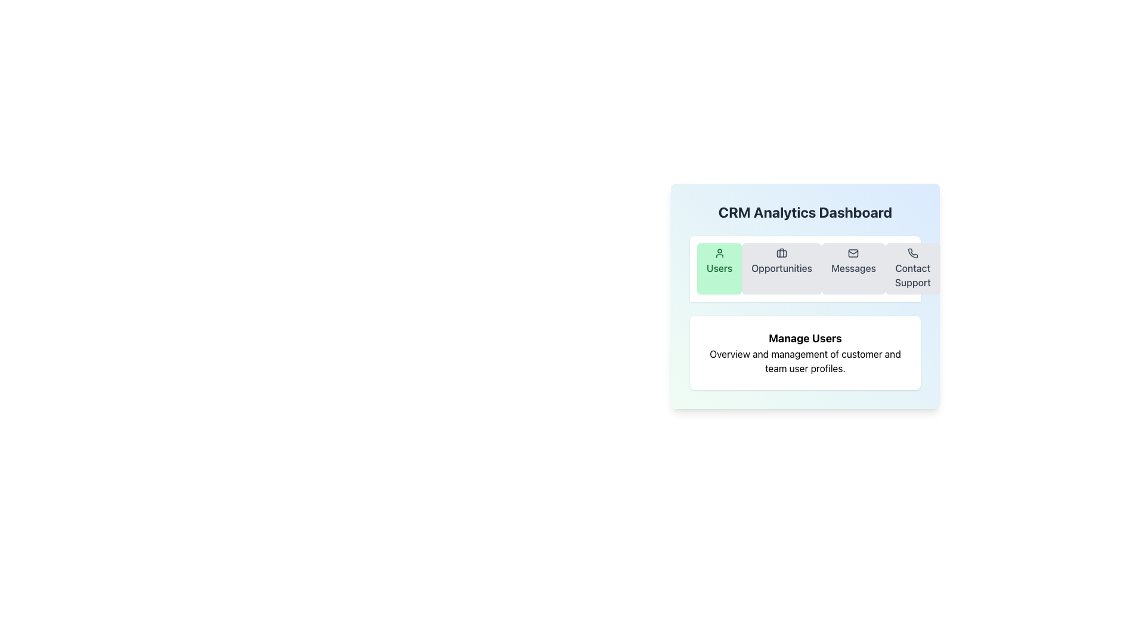 The image size is (1145, 644). Describe the element at coordinates (805, 309) in the screenshot. I see `the informational card located in the lower half of the 'CRM Analytics Dashboard' module` at that location.